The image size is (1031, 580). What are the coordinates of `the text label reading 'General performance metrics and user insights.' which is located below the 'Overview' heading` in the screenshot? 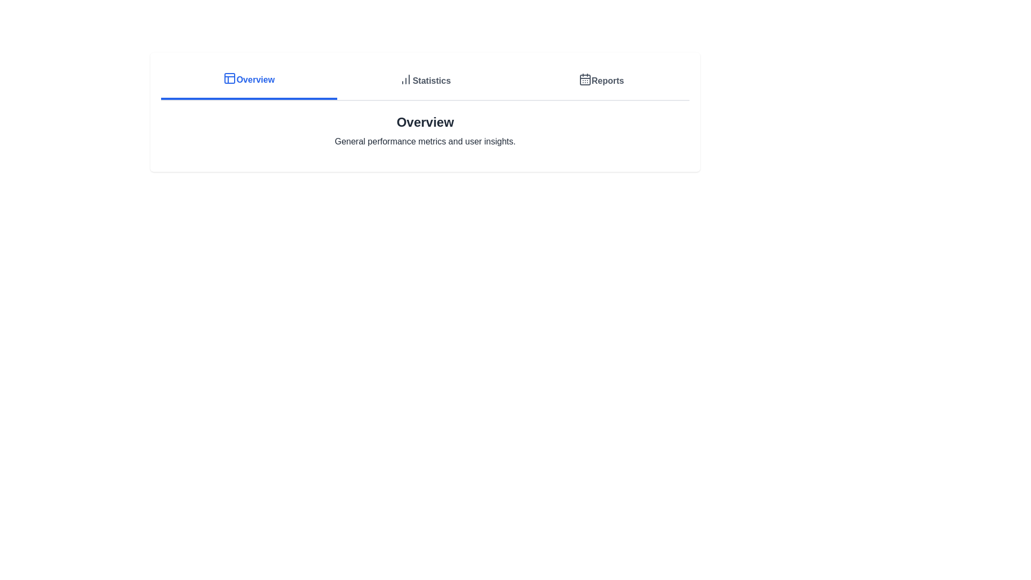 It's located at (425, 141).